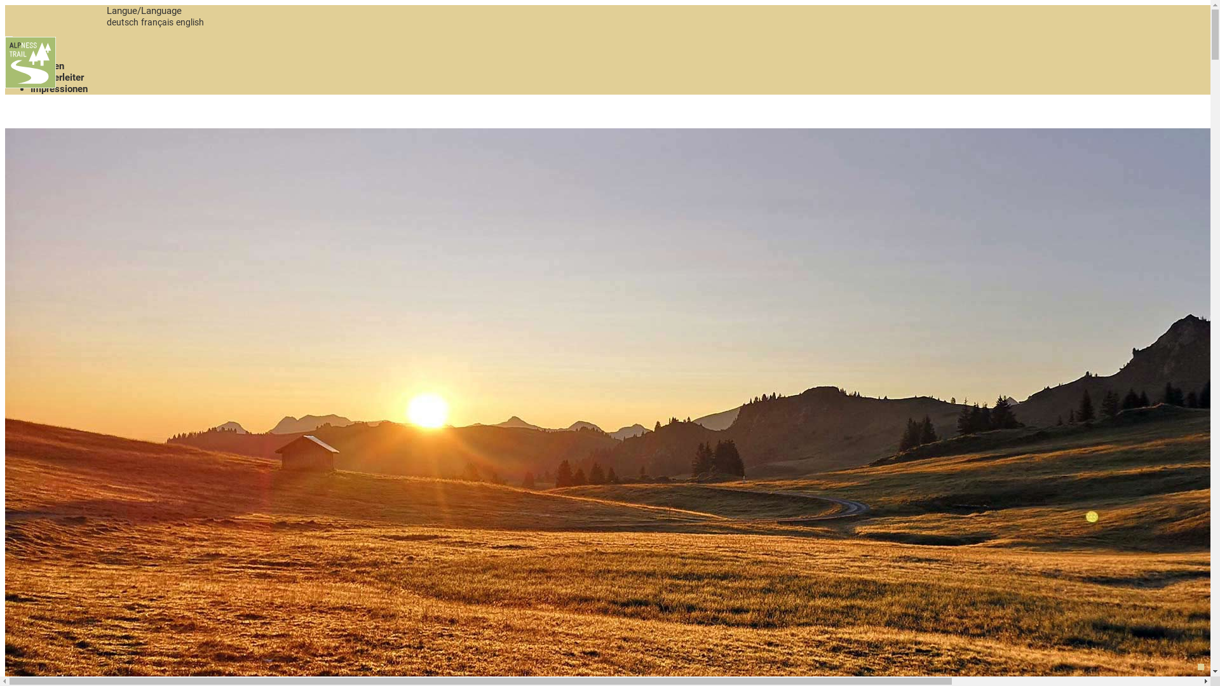  Describe the element at coordinates (122, 22) in the screenshot. I see `'deutsch'` at that location.